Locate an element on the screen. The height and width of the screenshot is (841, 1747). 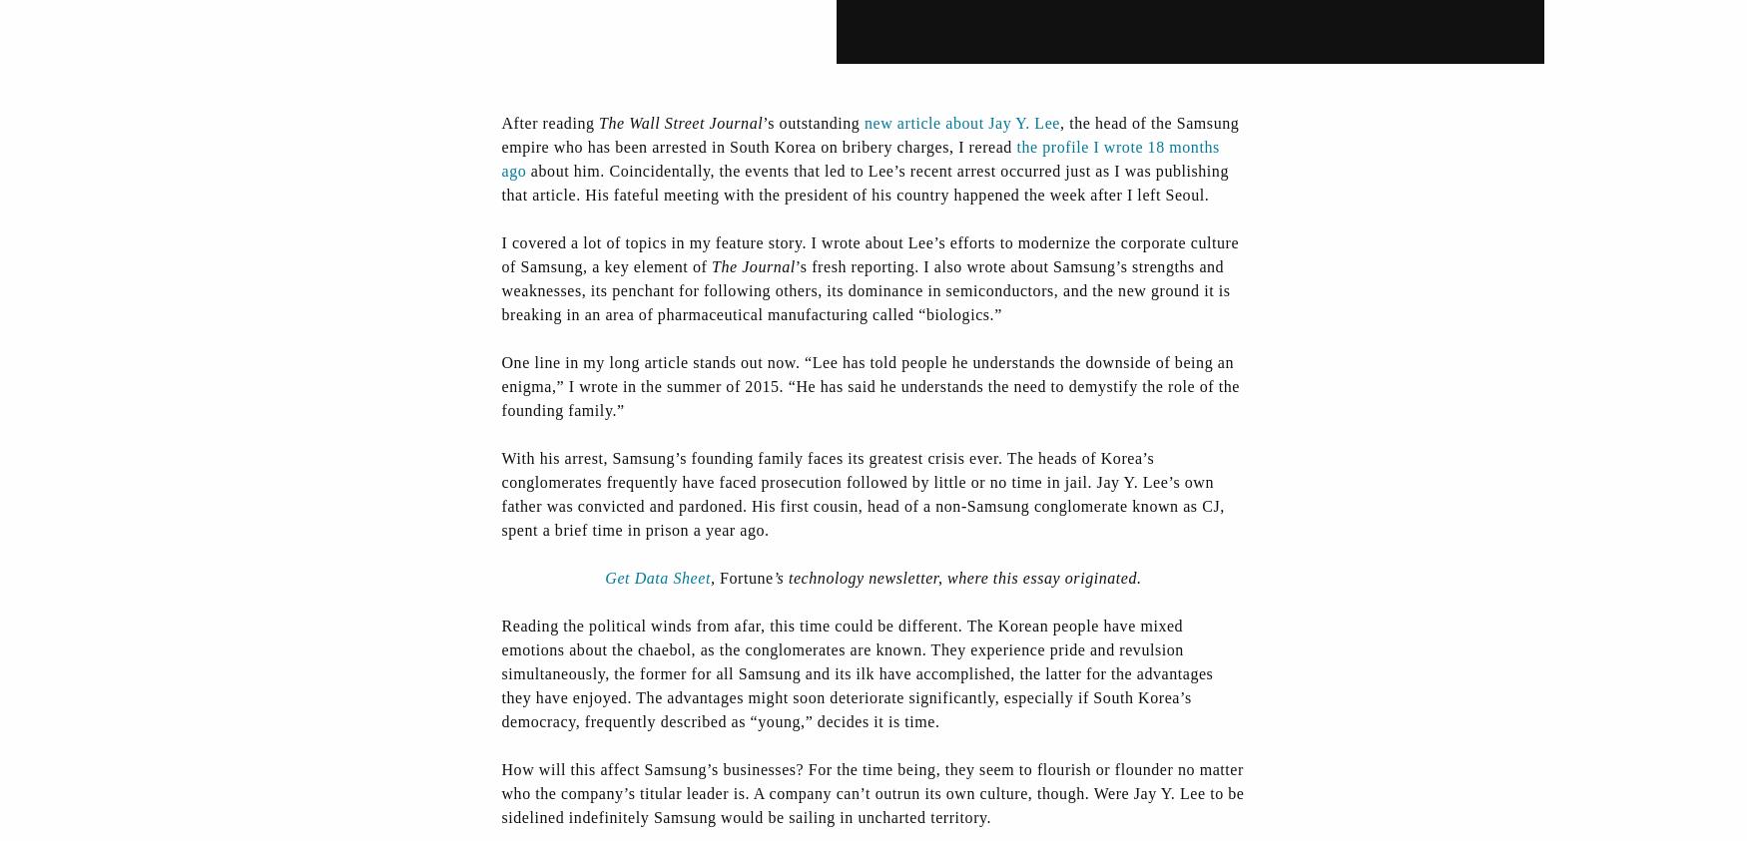
'’s fresh reporting. I also wrote about Samsung’s strengths and weaknesses, its penchant for following others, its dominance in semiconductors, and the new ground it is breaking in an area of pharmaceutical manufacturing called “biologics.”' is located at coordinates (865, 289).